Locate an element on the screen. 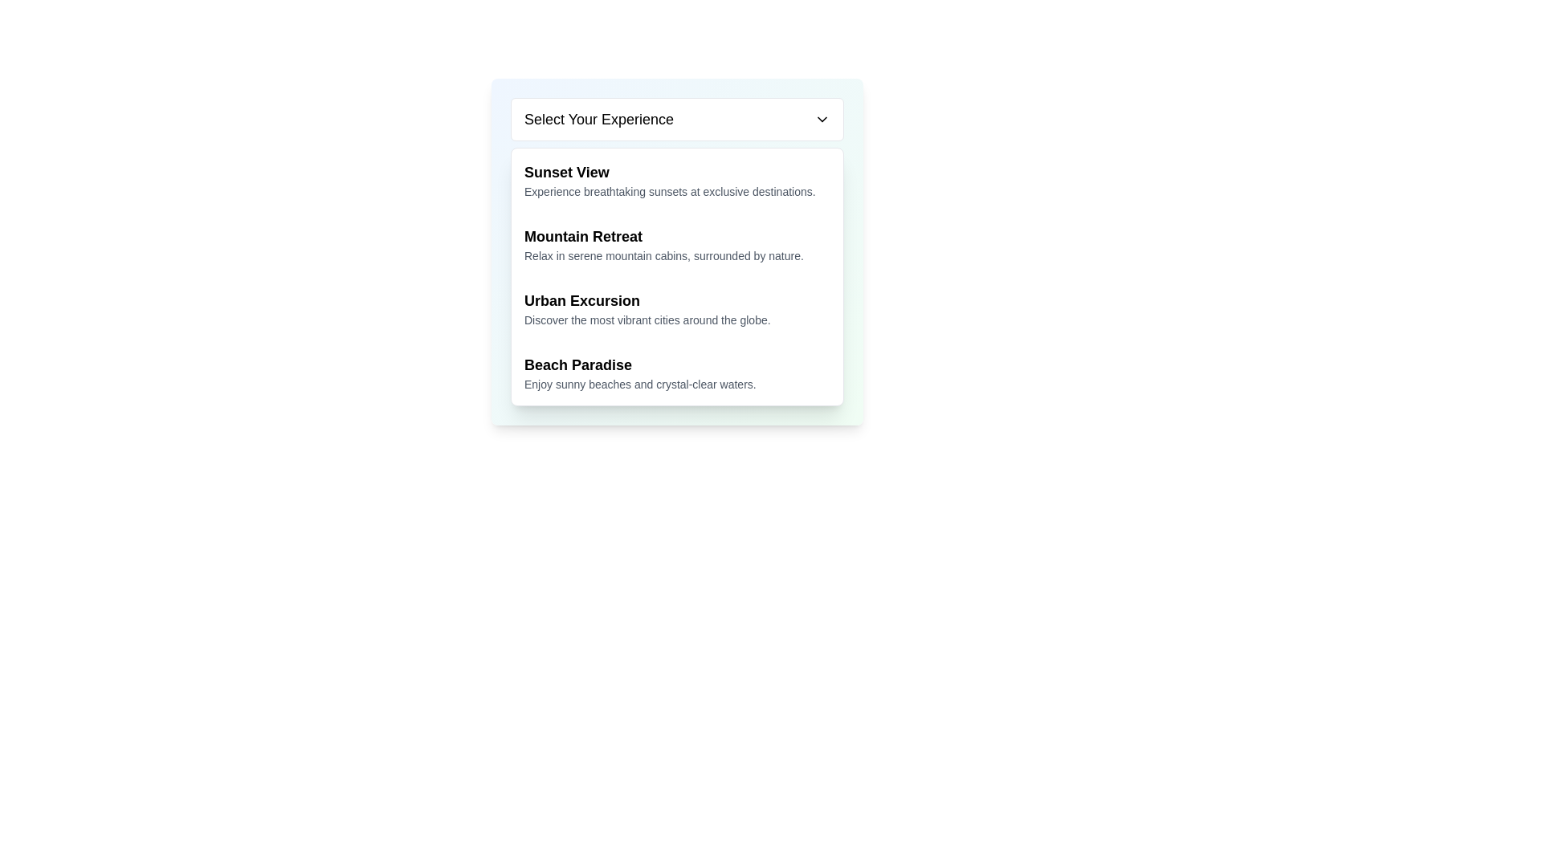 This screenshot has width=1542, height=867. the descriptive text label that reads 'Relax in serene mountain cabins, surrounded by nature.' located under the title 'Mountain Retreat' in the dropdown menu labeled 'Select Your Experience.' is located at coordinates (677, 255).